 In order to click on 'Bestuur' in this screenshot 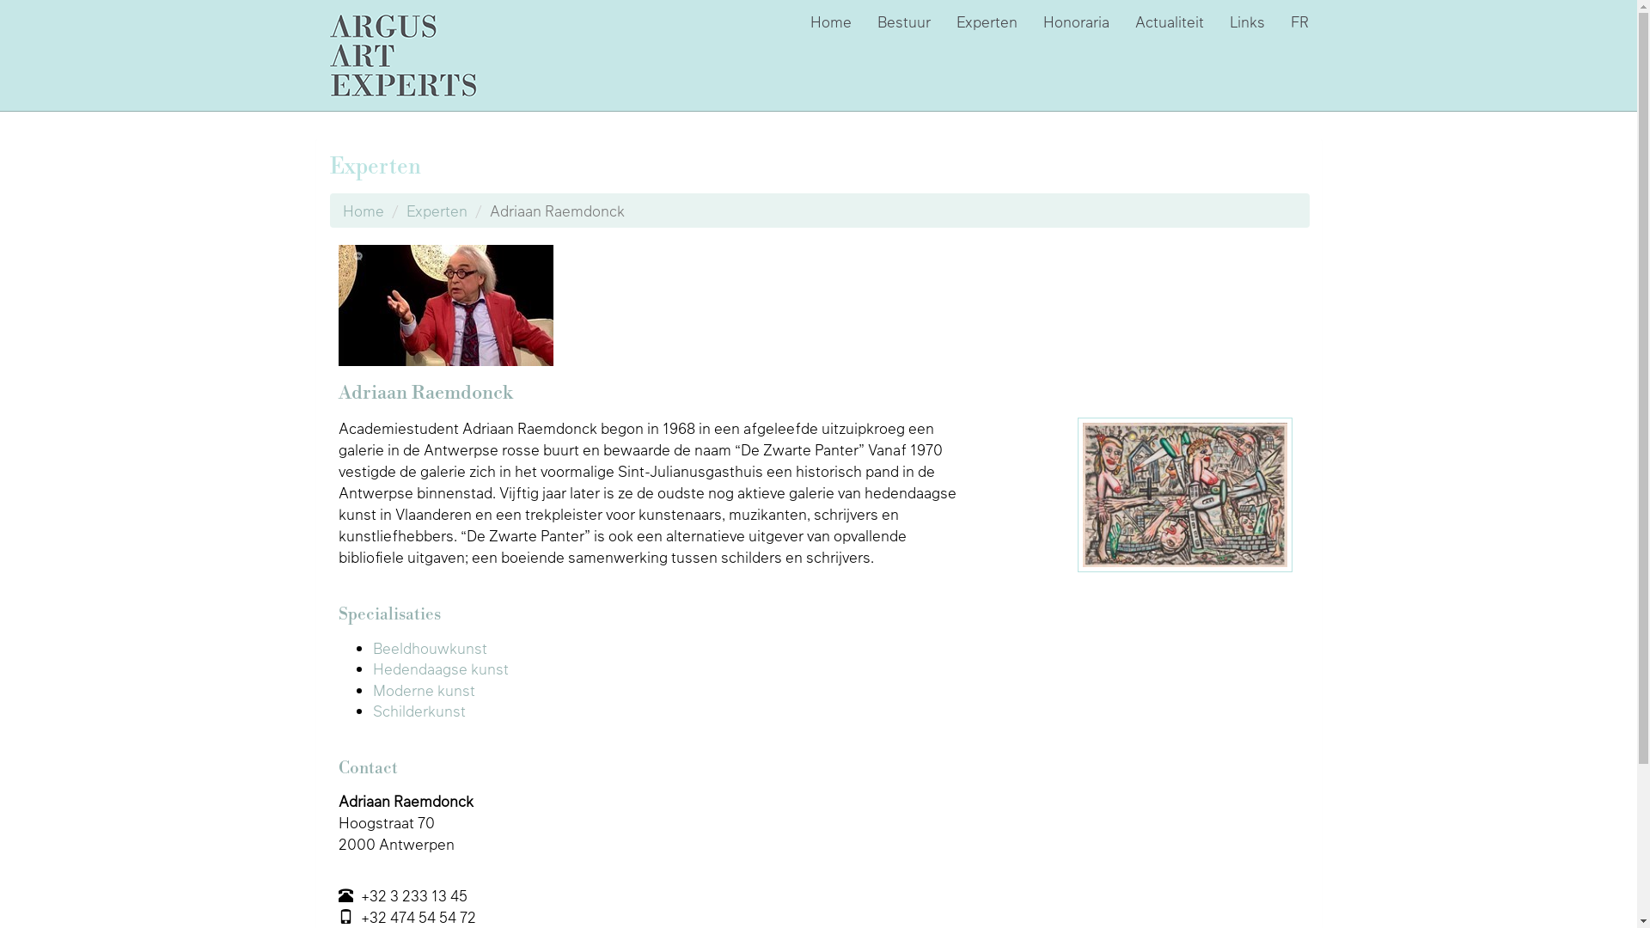, I will do `click(902, 21)`.